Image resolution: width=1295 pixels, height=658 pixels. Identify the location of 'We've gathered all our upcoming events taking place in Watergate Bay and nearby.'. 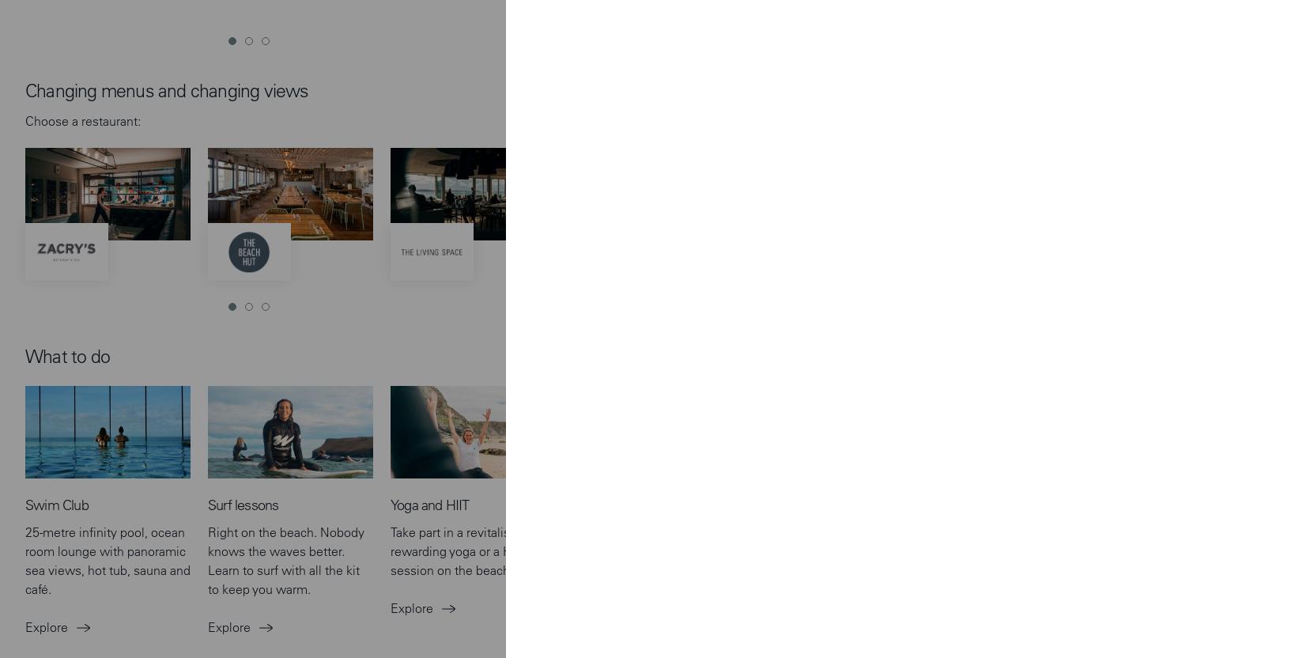
(1196, 206).